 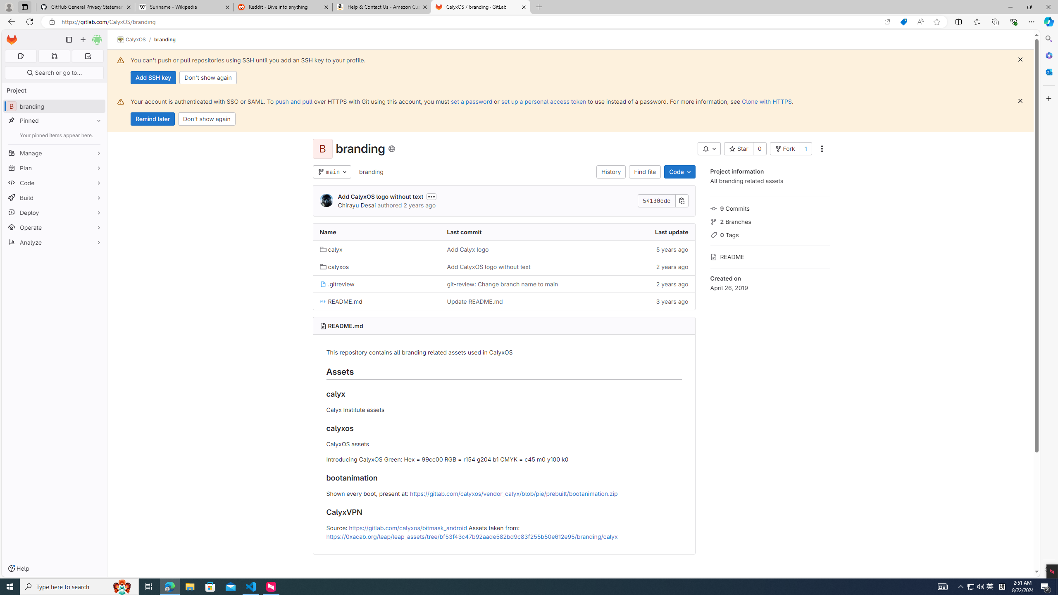 I want to click on 'Deploy', so click(x=54, y=212).